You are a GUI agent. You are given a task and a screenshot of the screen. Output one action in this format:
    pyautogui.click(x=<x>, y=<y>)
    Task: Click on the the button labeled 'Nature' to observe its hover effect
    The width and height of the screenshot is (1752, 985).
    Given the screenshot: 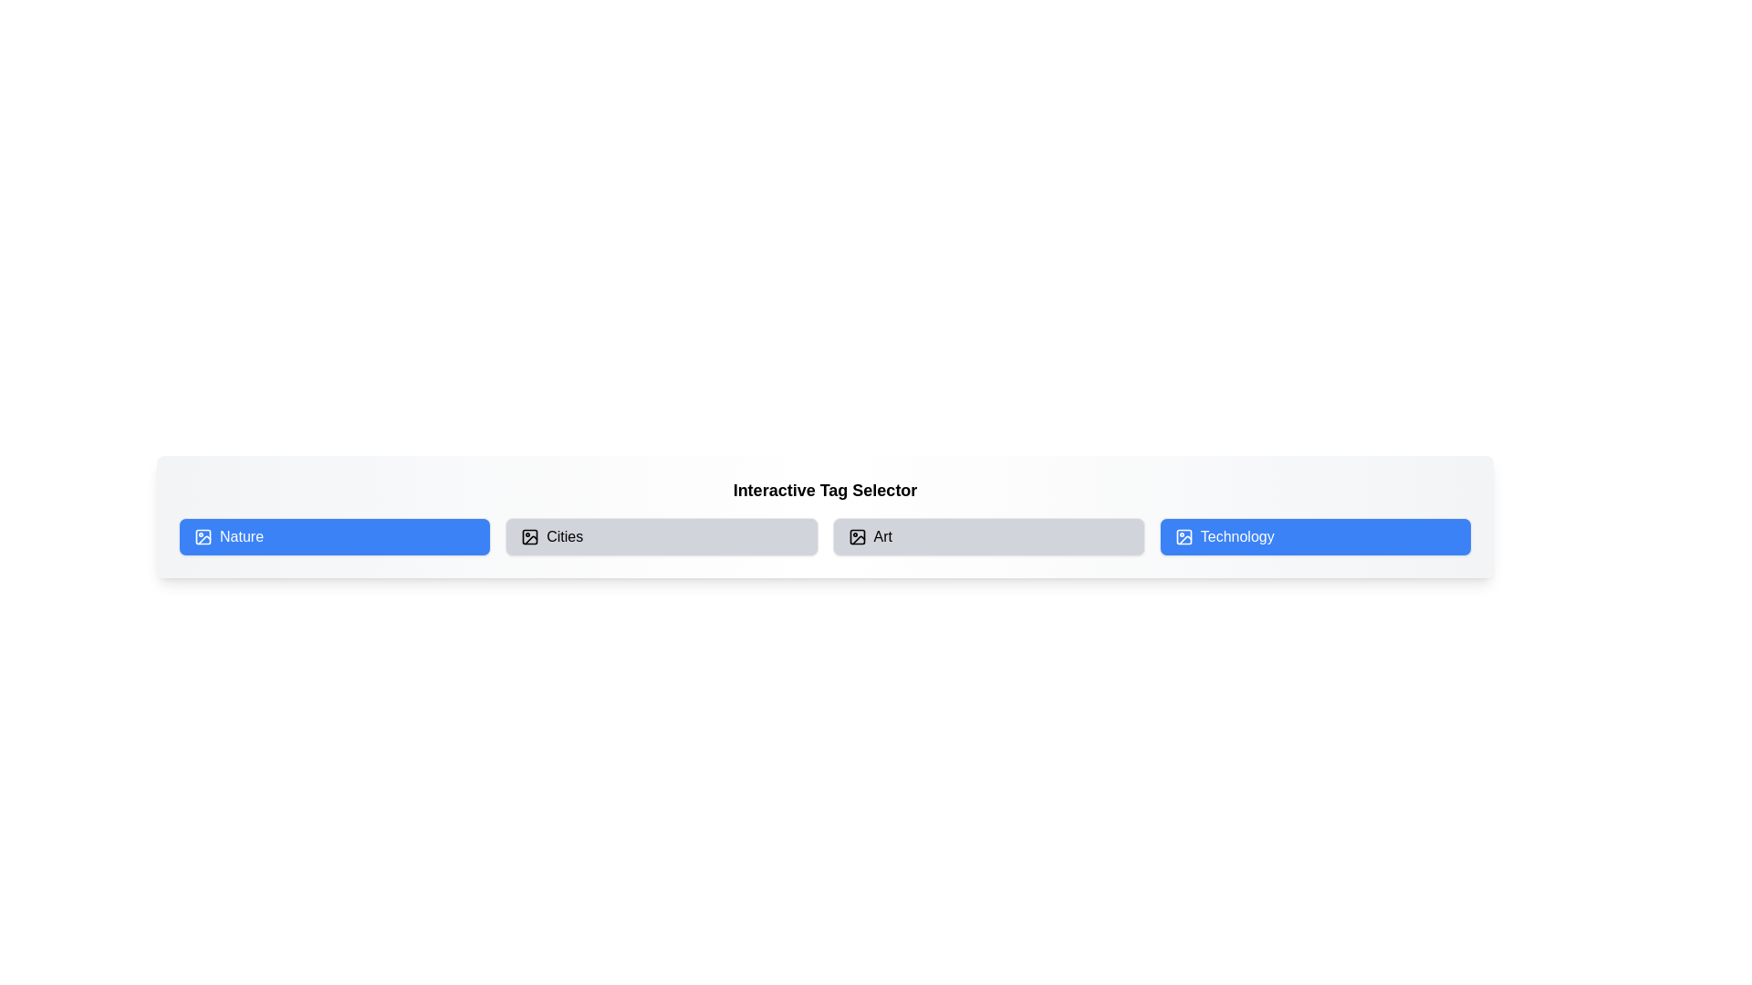 What is the action you would take?
    pyautogui.click(x=334, y=536)
    